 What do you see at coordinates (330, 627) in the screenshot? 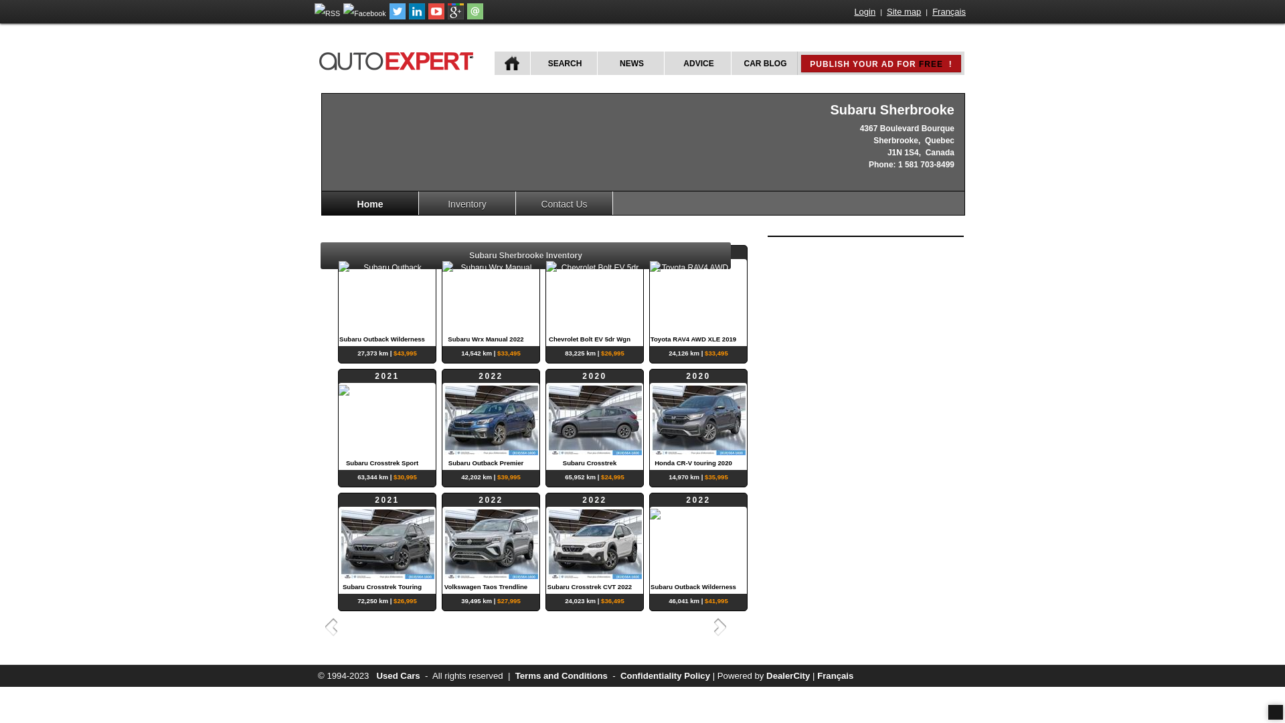
I see `'Previous'` at bounding box center [330, 627].